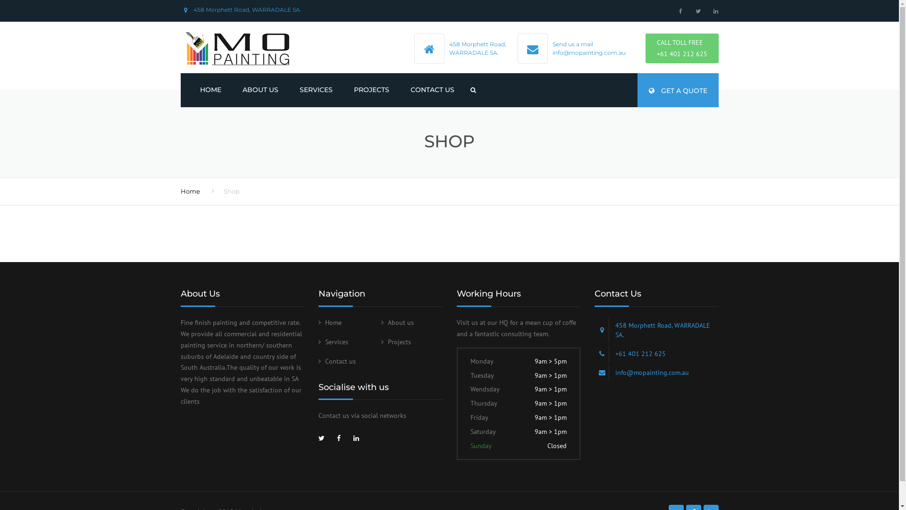  Describe the element at coordinates (337, 361) in the screenshot. I see `'Contact us'` at that location.